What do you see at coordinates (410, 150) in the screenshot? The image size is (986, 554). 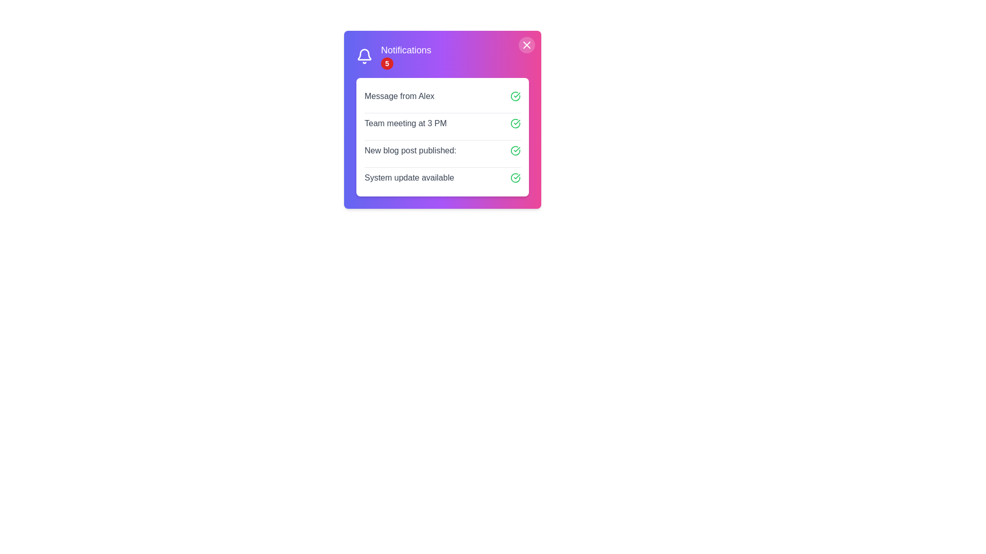 I see `the text label that reads 'New blog post published:' located in the middle of the notification list within a notification card` at bounding box center [410, 150].